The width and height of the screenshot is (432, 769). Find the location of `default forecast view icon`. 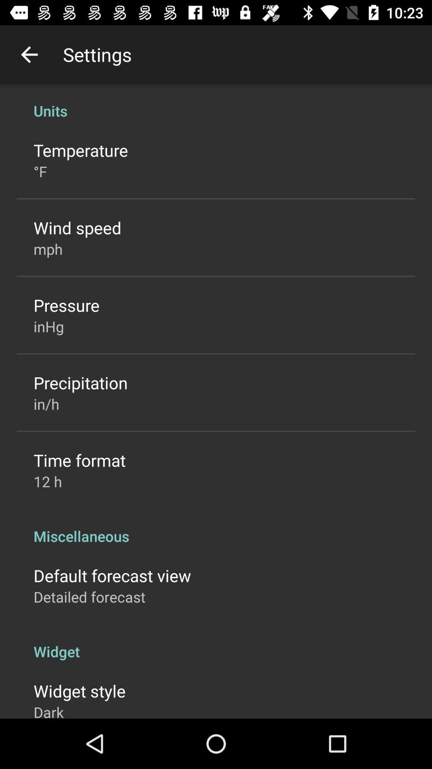

default forecast view icon is located at coordinates (112, 575).